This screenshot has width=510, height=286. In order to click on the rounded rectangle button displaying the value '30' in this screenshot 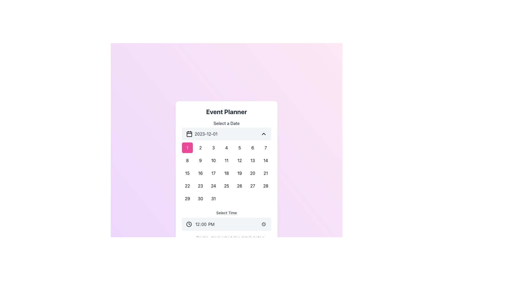, I will do `click(200, 198)`.